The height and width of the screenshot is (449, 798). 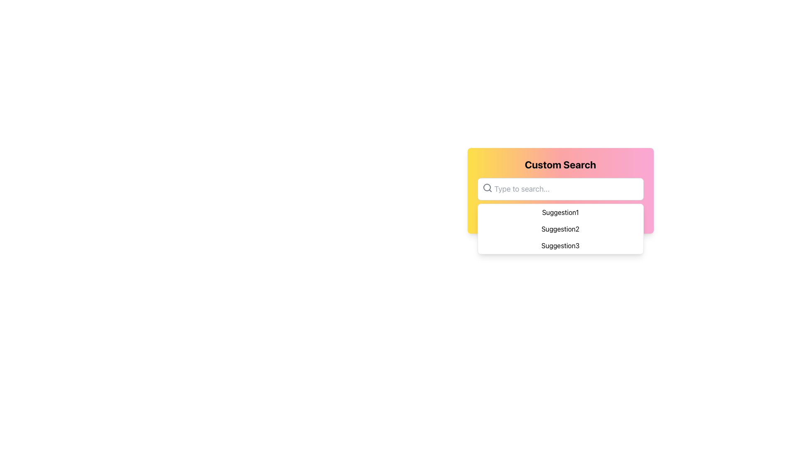 What do you see at coordinates (487, 187) in the screenshot?
I see `the Icon (Search) which is positioned inside the search input field, slightly offset towards the left, indicating the presence of search functionality` at bounding box center [487, 187].